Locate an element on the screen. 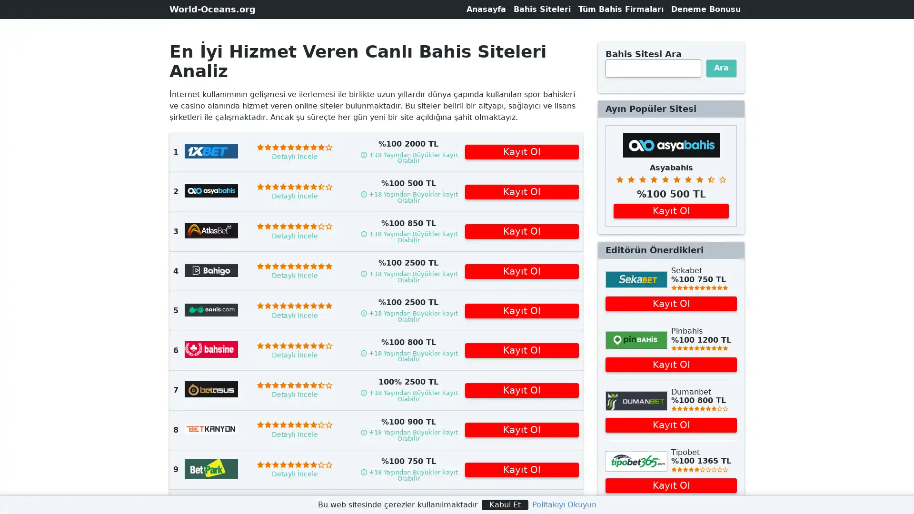  Load terms and conditions is located at coordinates (408, 395).